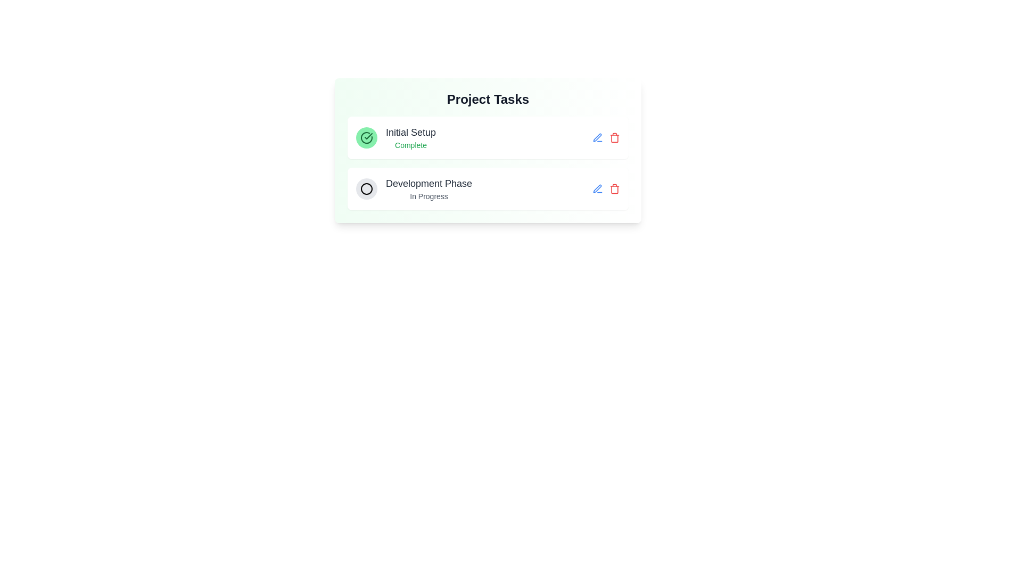  I want to click on the small green text label saying 'Complete' located directly below the 'Initial Setup' heading in the 'Project Tasks' section, so click(410, 145).